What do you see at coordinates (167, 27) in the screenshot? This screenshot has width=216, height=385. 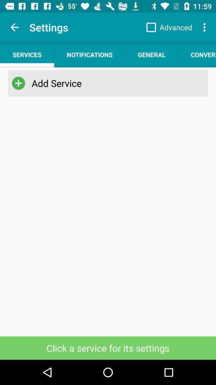 I see `the item above general item` at bounding box center [167, 27].